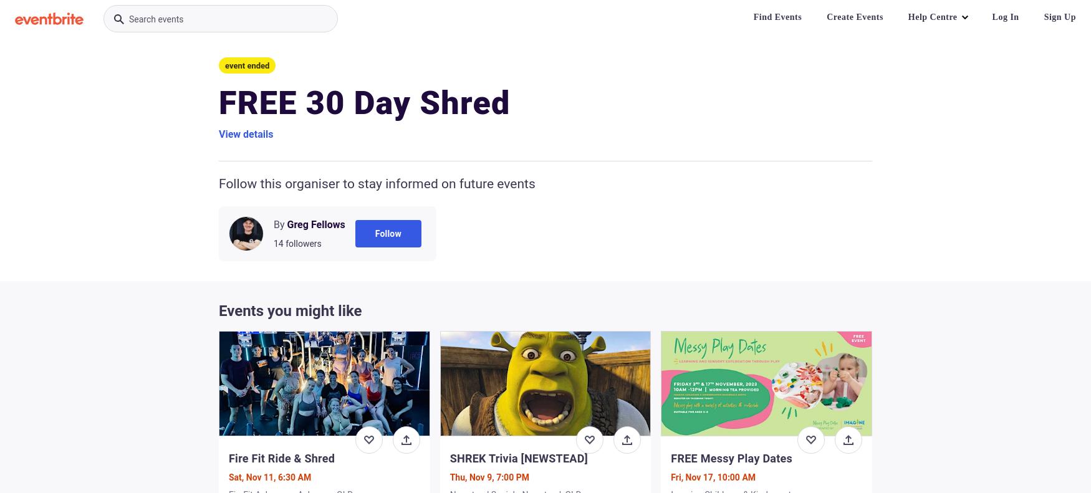 The image size is (1091, 493). What do you see at coordinates (245, 134) in the screenshot?
I see `'View details'` at bounding box center [245, 134].